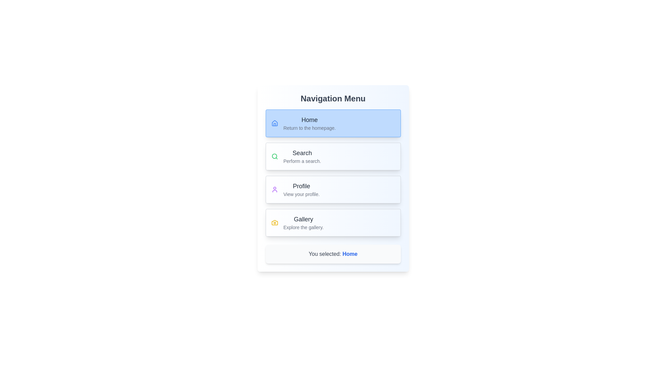 This screenshot has height=365, width=649. What do you see at coordinates (333, 223) in the screenshot?
I see `the menu item corresponding to Gallery to change the active tab` at bounding box center [333, 223].